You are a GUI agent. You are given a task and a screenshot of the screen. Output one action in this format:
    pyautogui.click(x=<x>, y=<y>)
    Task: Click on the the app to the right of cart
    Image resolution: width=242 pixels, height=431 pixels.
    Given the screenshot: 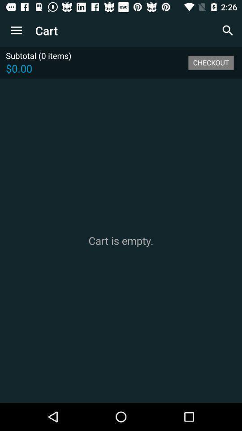 What is the action you would take?
    pyautogui.click(x=228, y=31)
    